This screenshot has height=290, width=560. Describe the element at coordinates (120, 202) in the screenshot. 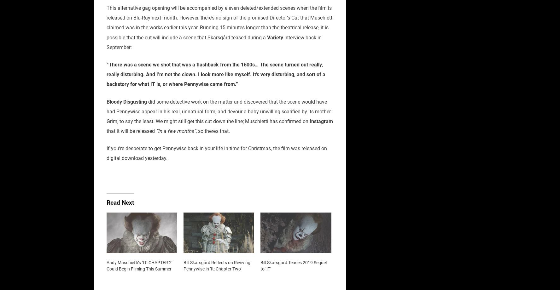

I see `'Read Next'` at that location.